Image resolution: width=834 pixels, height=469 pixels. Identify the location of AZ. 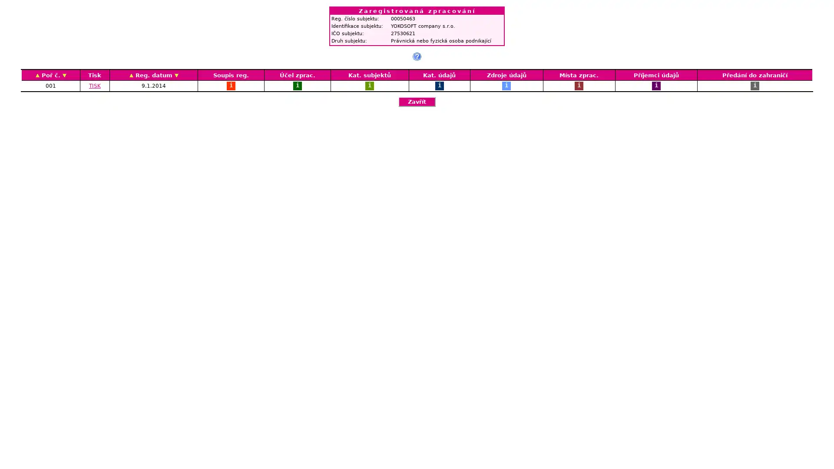
(130, 75).